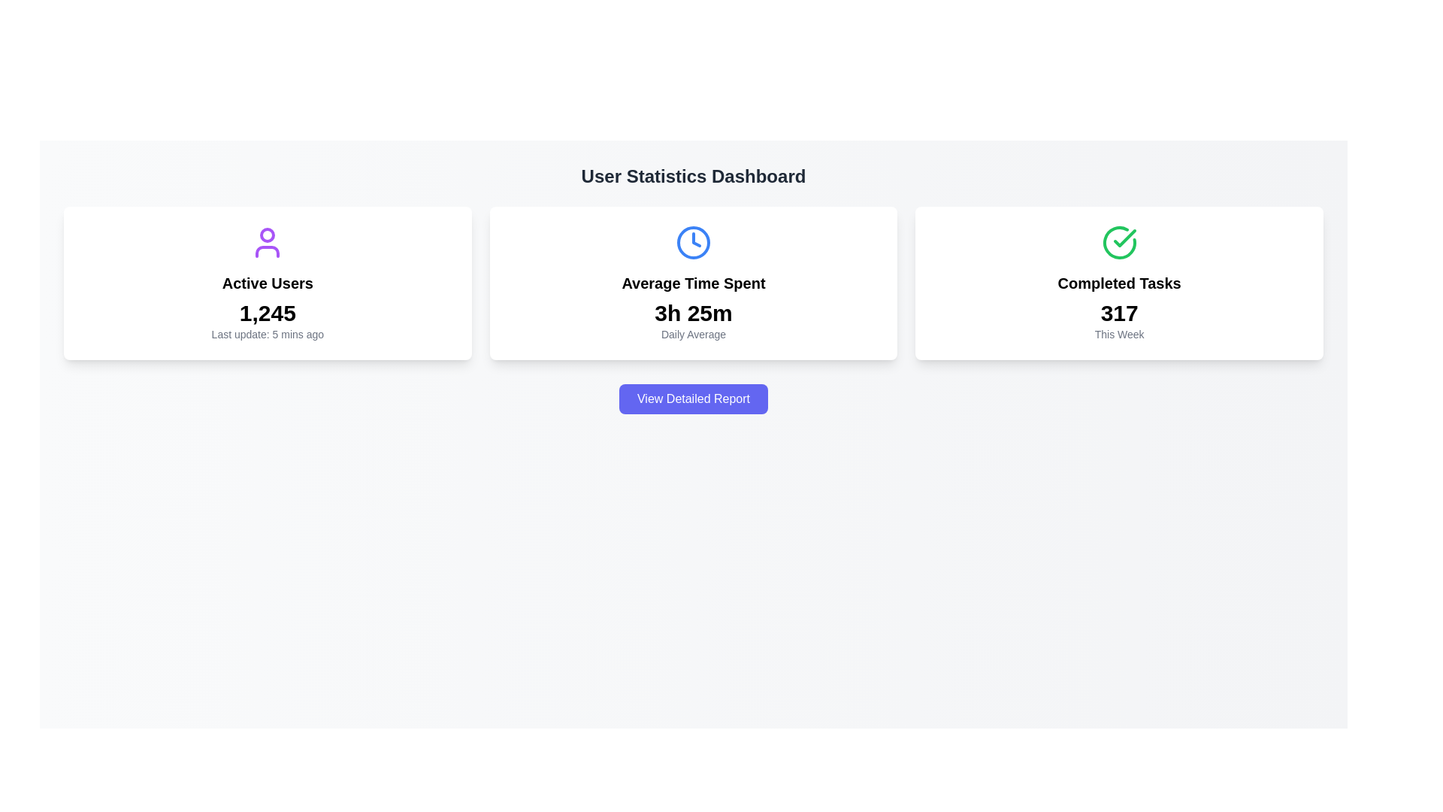 This screenshot has width=1443, height=812. Describe the element at coordinates (692, 398) in the screenshot. I see `the detailed report button located at the bottom center of the interface, below the three cards displaying statistics` at that location.